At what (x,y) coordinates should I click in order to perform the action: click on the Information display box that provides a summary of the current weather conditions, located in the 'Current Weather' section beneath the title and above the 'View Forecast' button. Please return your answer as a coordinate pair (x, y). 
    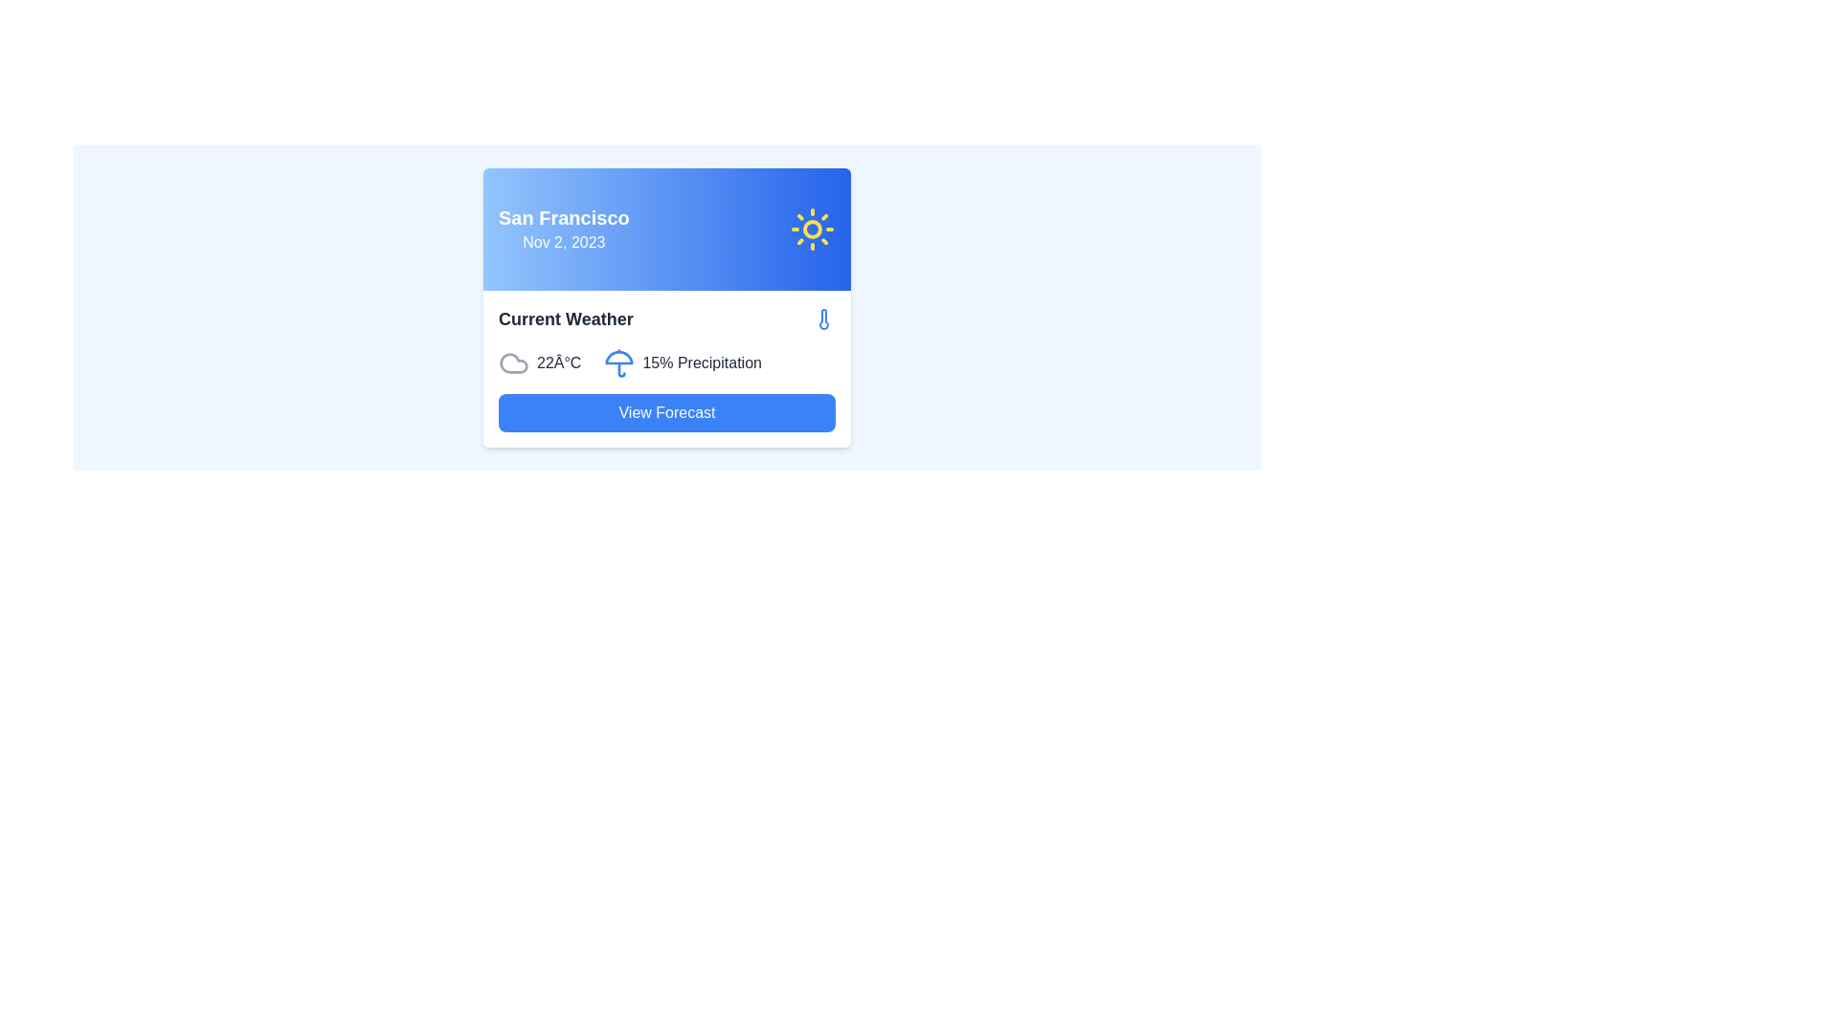
    Looking at the image, I should click on (666, 363).